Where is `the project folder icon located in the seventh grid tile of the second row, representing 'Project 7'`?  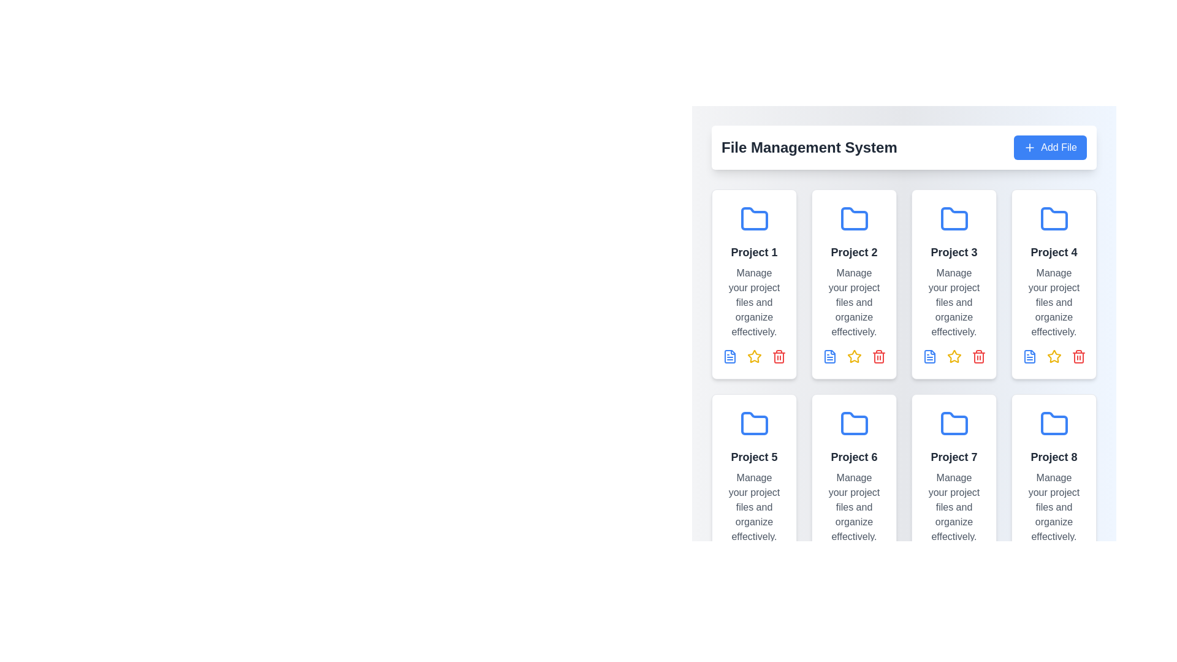 the project folder icon located in the seventh grid tile of the second row, representing 'Project 7' is located at coordinates (953, 422).